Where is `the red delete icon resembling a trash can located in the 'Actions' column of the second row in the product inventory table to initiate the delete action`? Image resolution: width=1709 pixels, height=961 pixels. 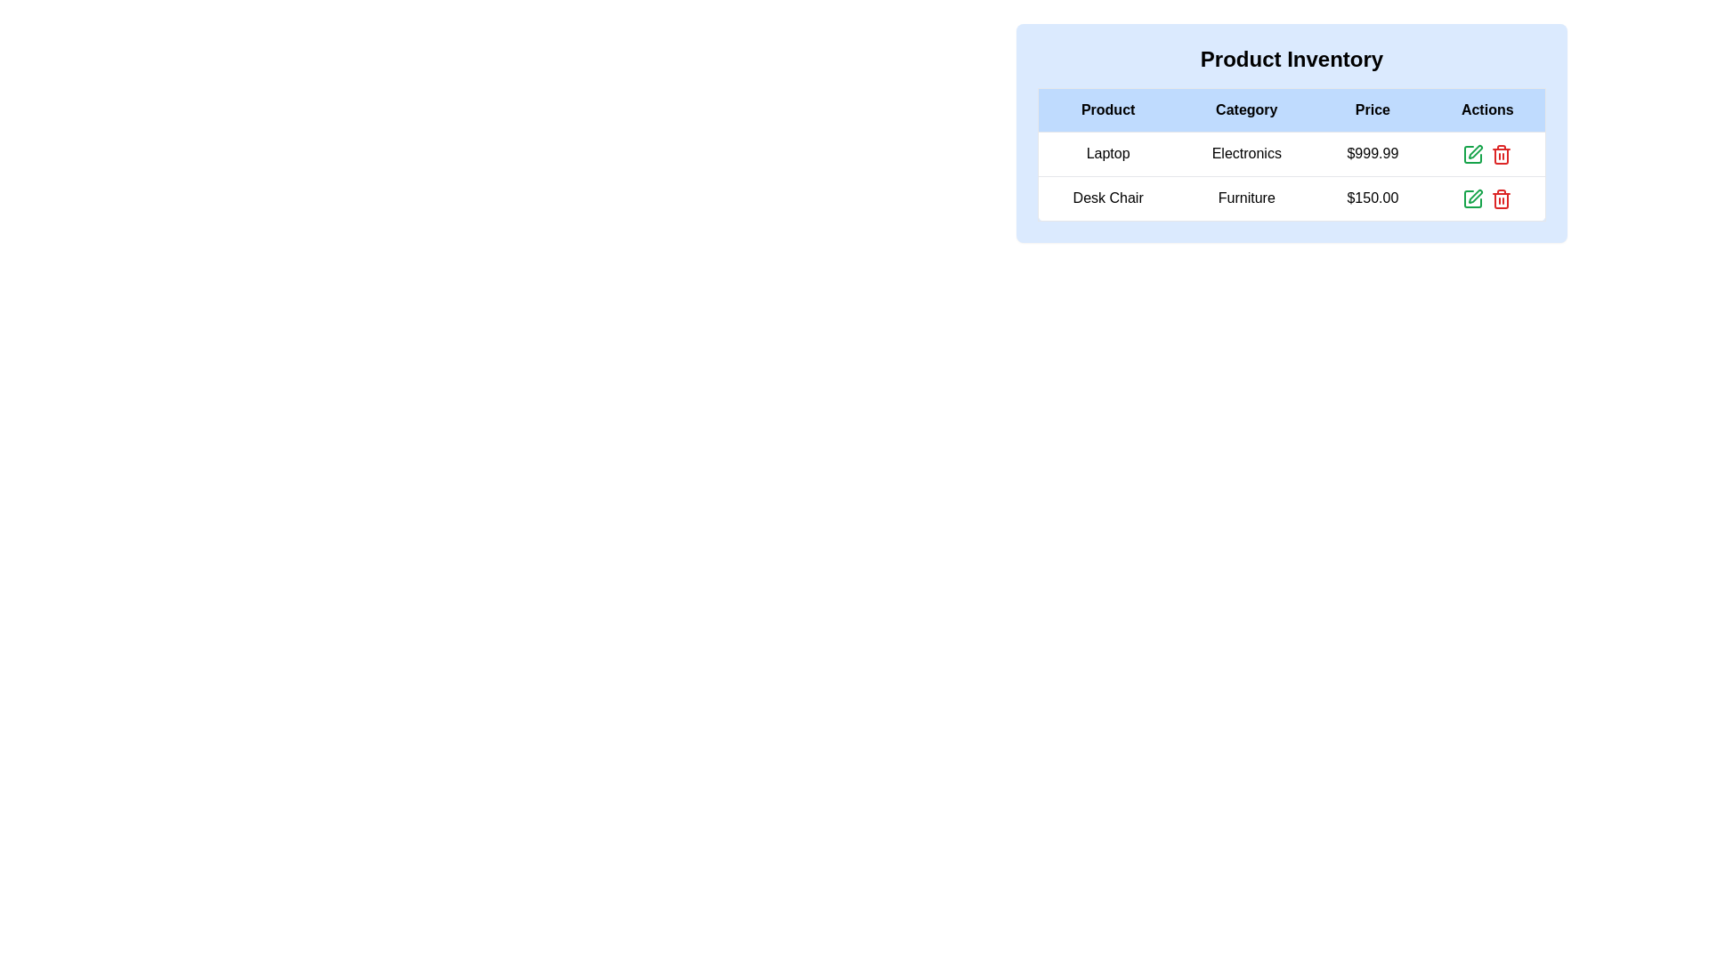 the red delete icon resembling a trash can located in the 'Actions' column of the second row in the product inventory table to initiate the delete action is located at coordinates (1501, 198).